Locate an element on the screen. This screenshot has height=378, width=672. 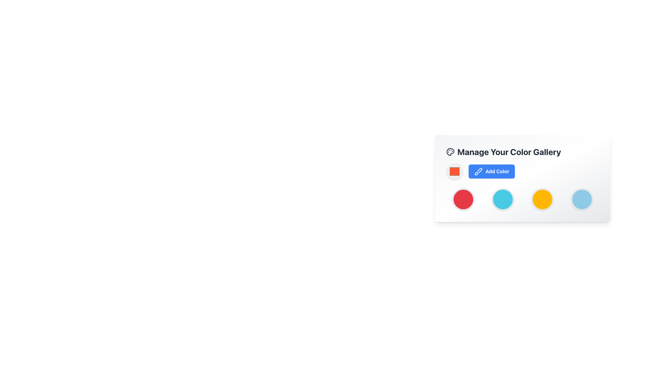
the 'Add Color' button, which is a rectangular button with rounded edges, bright blue background, white bold text, and a paintbrush icon on the left is located at coordinates (491, 171).